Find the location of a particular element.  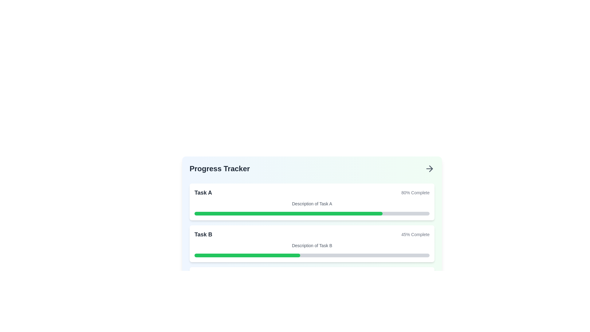

the filled section of the progress bar located beneath 'Task B', which visually indicates completion status and fills the leftmost 60% of the bar is located at coordinates (265, 297).